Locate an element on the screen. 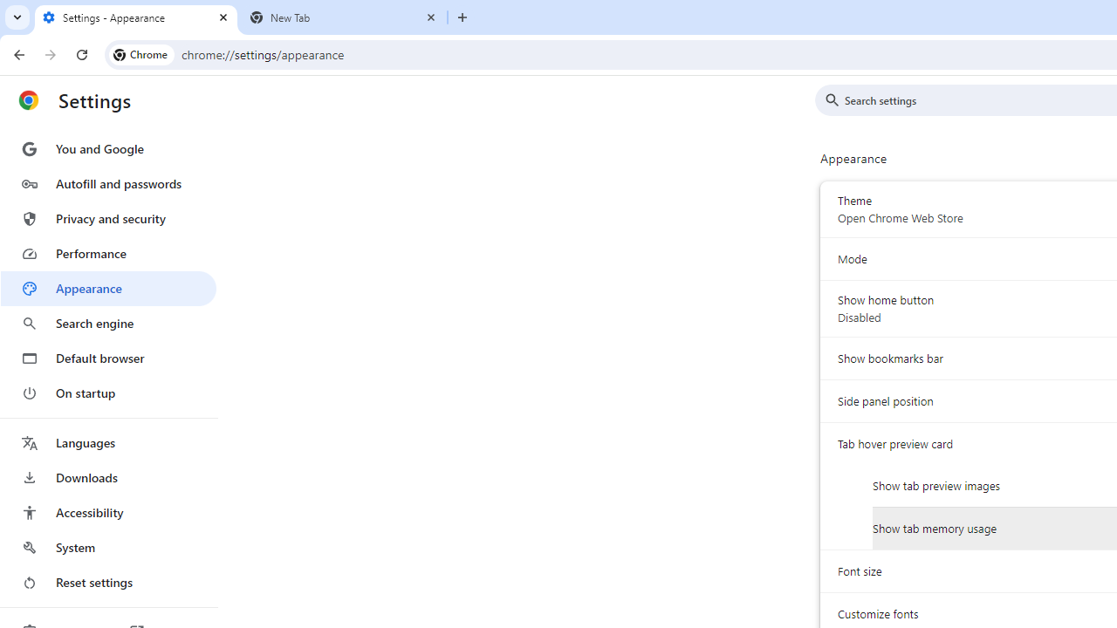 The height and width of the screenshot is (628, 1117). 'Settings - Appearance' is located at coordinates (135, 17).